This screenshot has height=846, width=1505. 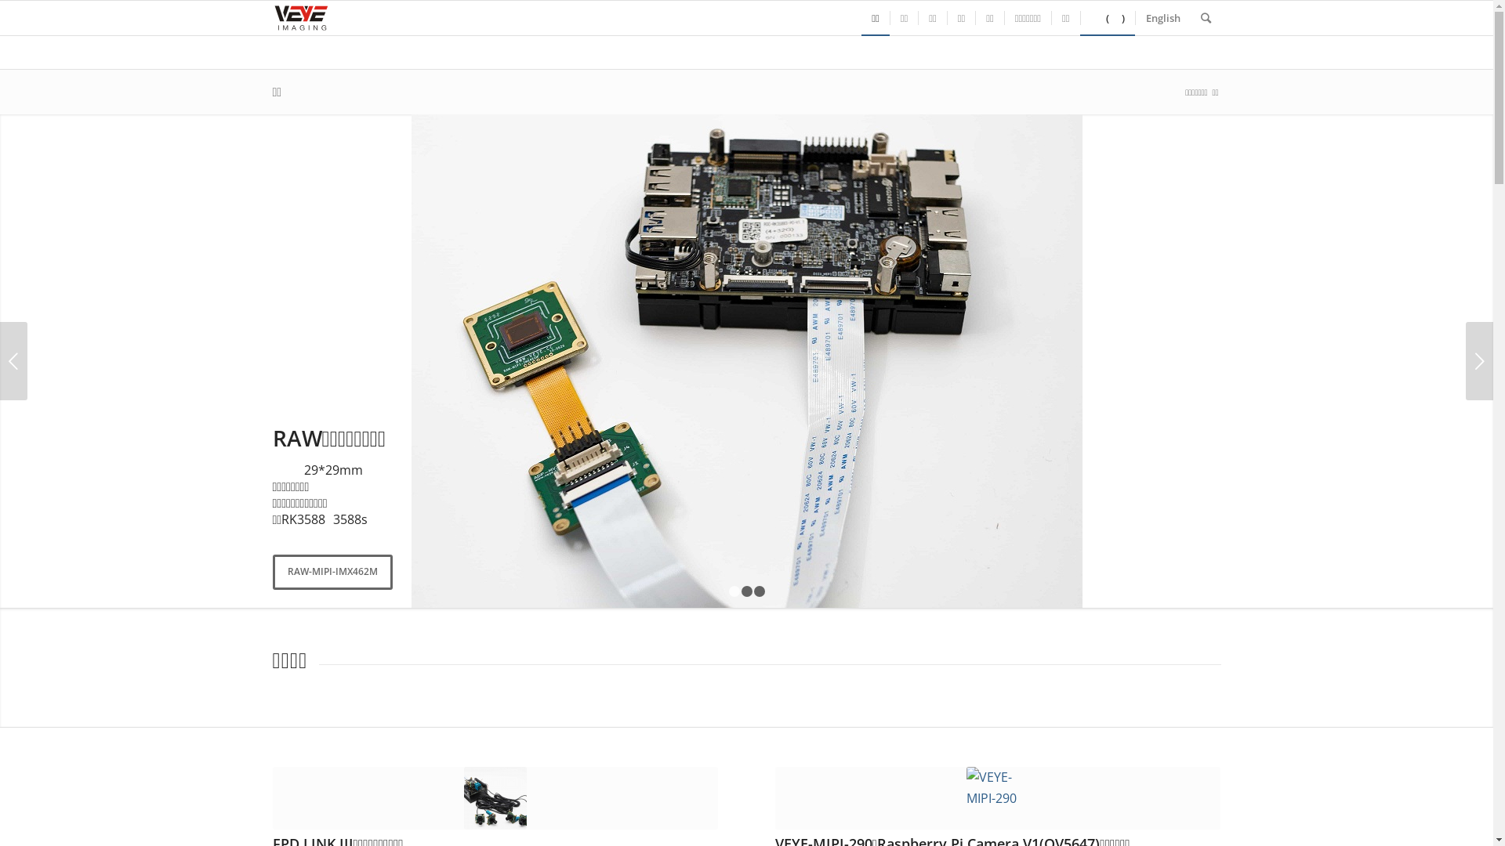 What do you see at coordinates (746, 591) in the screenshot?
I see `'2'` at bounding box center [746, 591].